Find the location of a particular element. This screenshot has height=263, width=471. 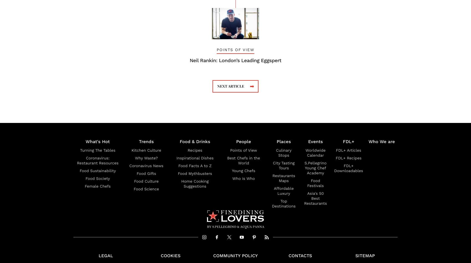

'Recipes' is located at coordinates (195, 150).